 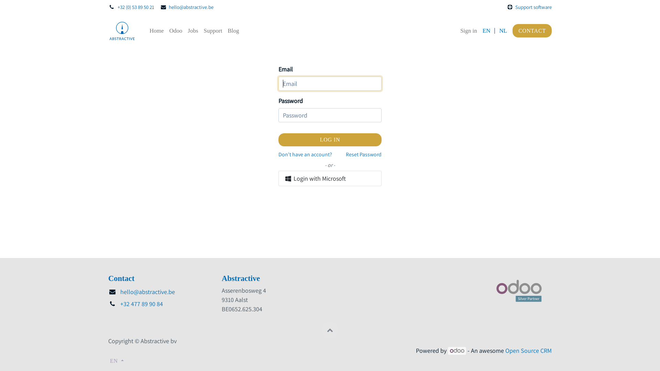 I want to click on '+32 477 89 90 84', so click(x=141, y=303).